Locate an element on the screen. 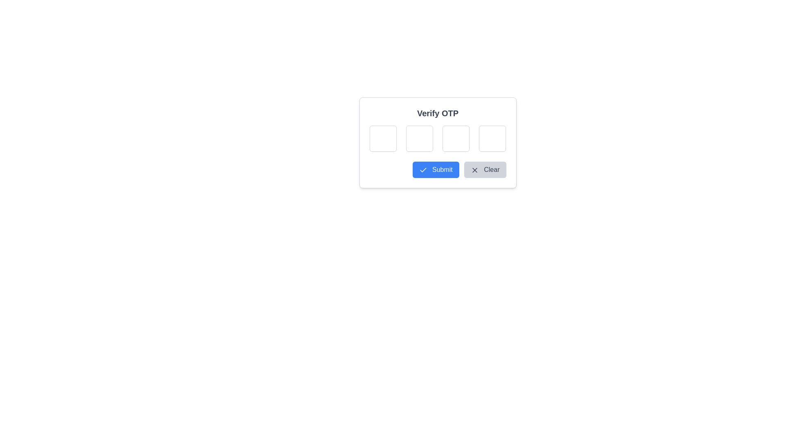 This screenshot has width=786, height=442. the 'Clear' button with a light gray background and dark gray text, which is the second button from the right in the horizontal layout at the bottom of the modal dialog is located at coordinates (485, 169).